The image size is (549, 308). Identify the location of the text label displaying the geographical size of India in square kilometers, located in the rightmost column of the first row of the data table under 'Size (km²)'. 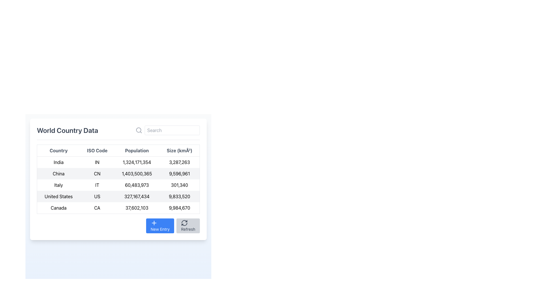
(179, 162).